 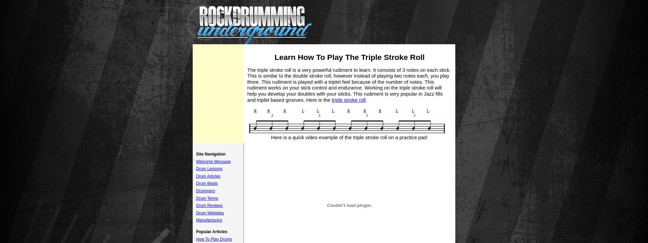 I want to click on 'How To Play Drums', so click(x=196, y=239).